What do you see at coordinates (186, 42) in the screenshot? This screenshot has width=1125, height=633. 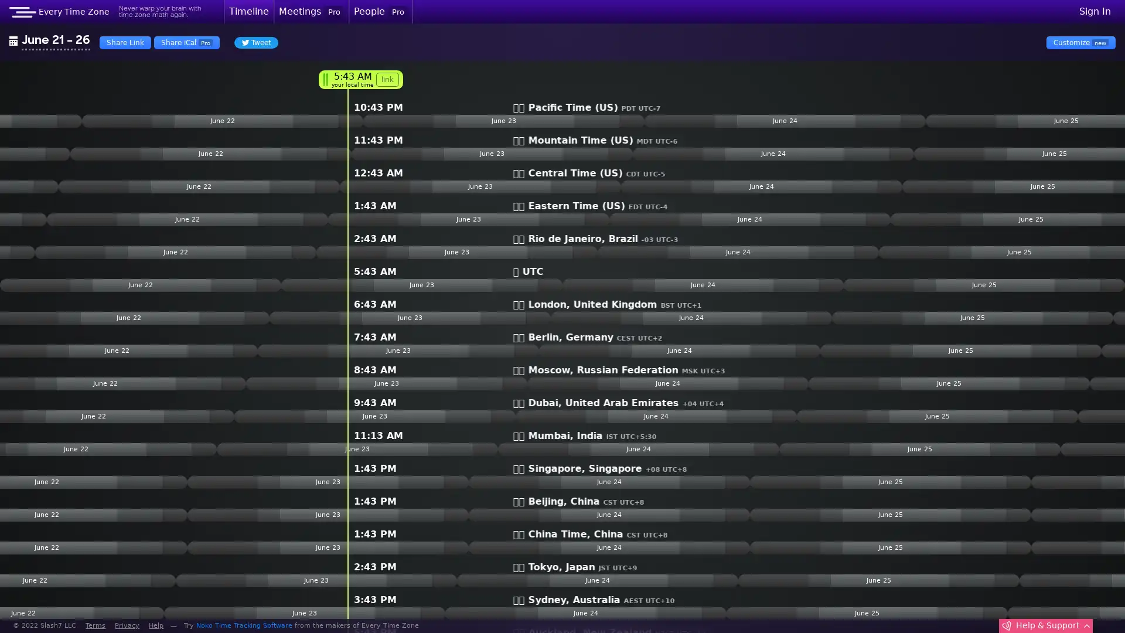 I see `Share iCal Pro` at bounding box center [186, 42].